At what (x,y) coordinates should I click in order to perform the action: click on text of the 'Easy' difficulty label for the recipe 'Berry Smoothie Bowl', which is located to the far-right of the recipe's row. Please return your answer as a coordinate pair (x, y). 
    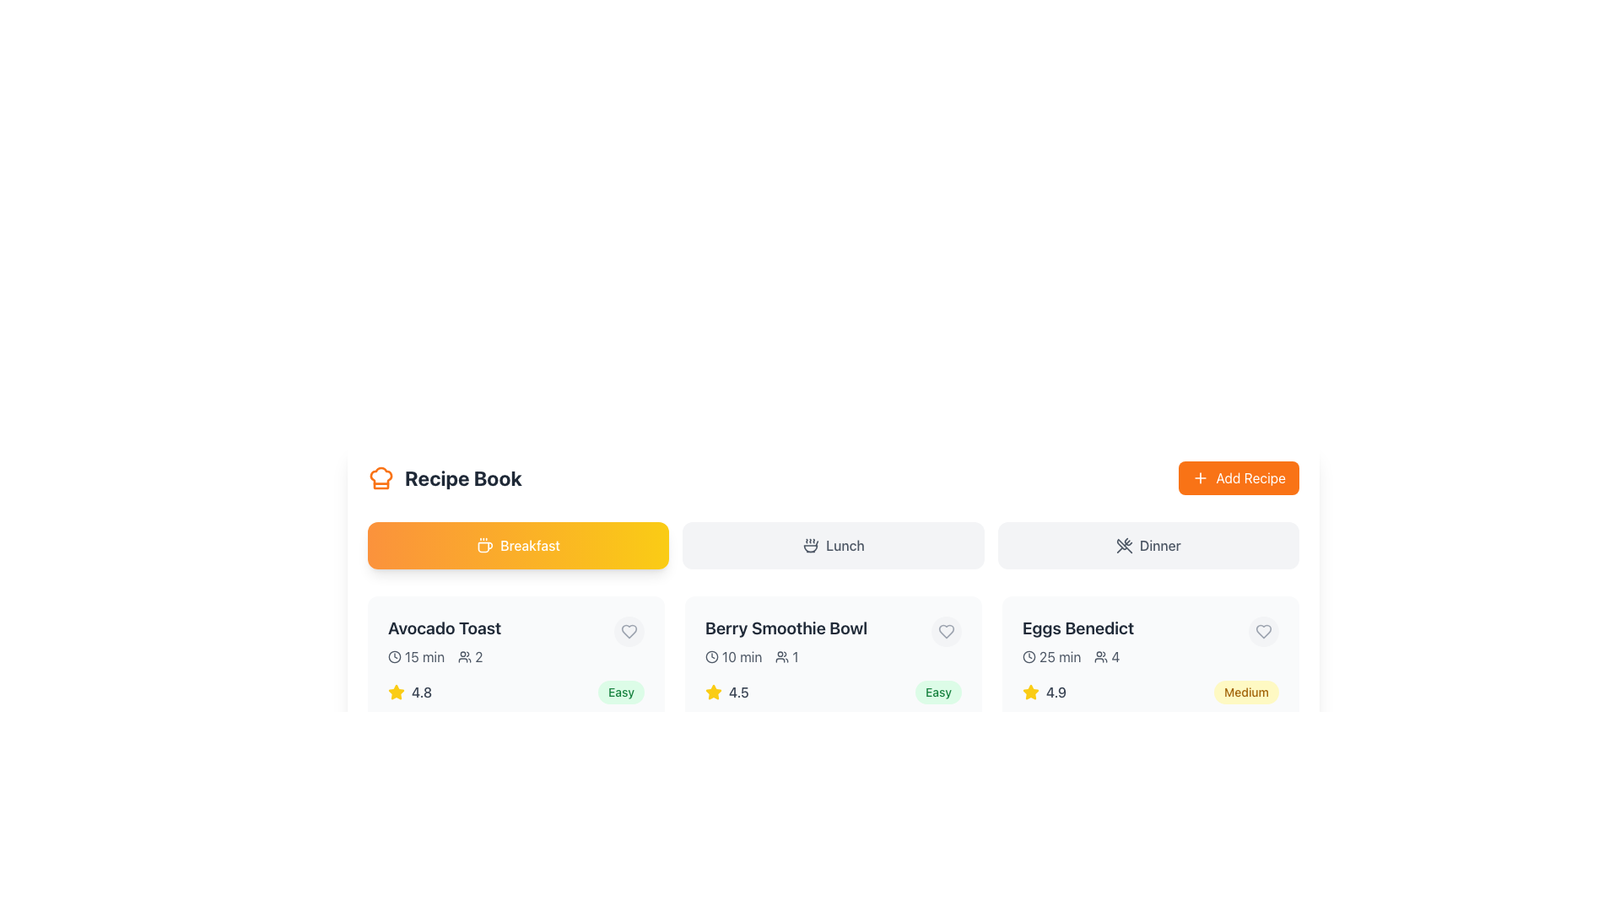
    Looking at the image, I should click on (937, 693).